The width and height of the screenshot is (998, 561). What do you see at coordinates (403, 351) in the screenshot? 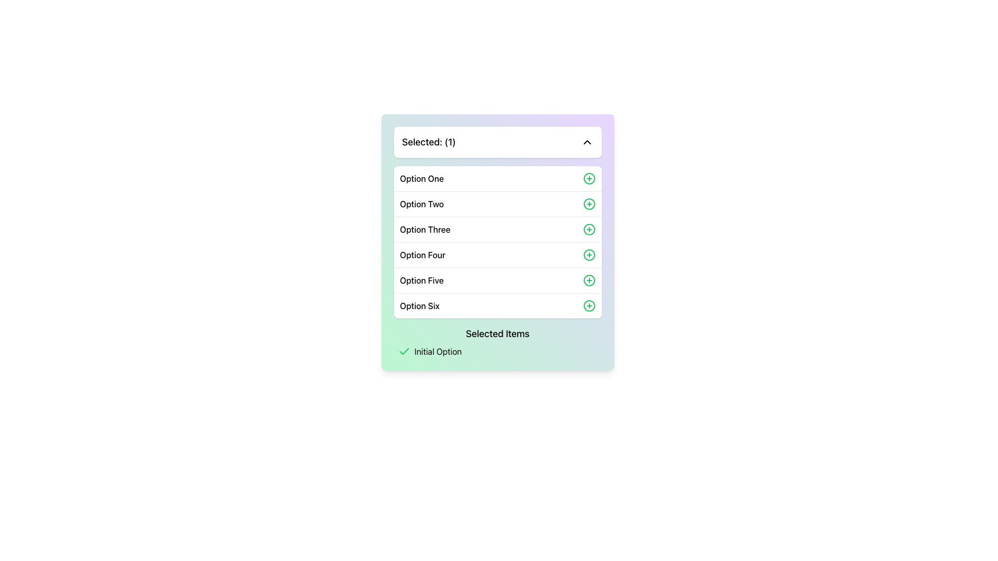
I see `the confirmation by interacting with the green checkmark icon indicating selection or confirmation, located near the bottom-center of the interface next to the 'Initial Option' label` at bounding box center [403, 351].